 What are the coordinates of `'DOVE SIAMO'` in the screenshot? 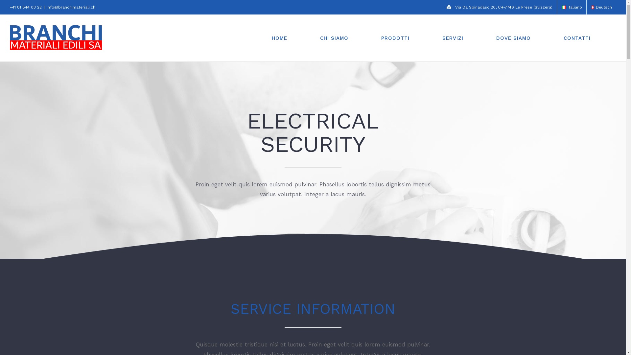 It's located at (489, 38).